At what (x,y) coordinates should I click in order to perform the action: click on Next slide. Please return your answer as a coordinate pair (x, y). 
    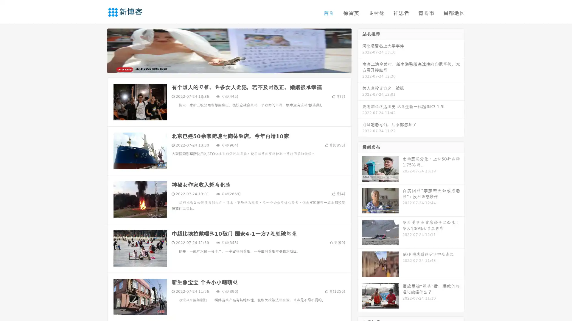
    Looking at the image, I should click on (360, 50).